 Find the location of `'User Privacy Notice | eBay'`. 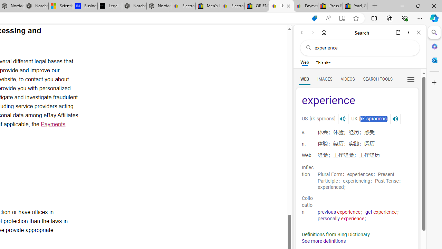

'User Privacy Notice | eBay' is located at coordinates (281, 6).